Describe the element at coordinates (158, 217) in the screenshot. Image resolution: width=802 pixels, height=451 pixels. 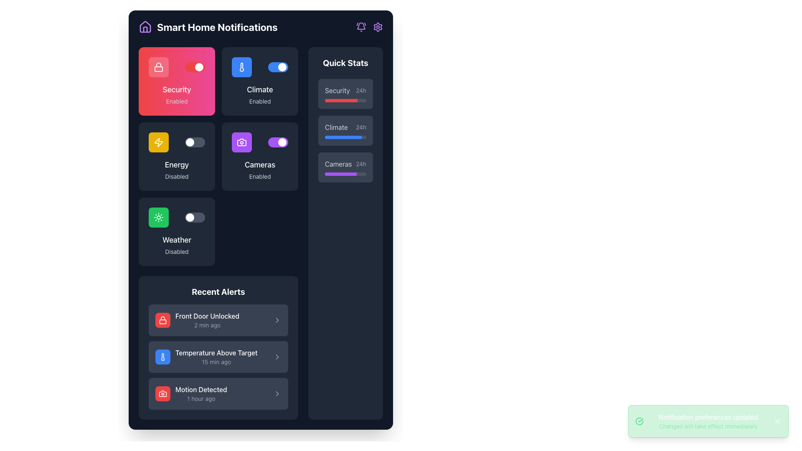
I see `the weather-related icon-based button located at the bottom-left of the group of green buttons, adjacent to the 'Weather' label` at that location.